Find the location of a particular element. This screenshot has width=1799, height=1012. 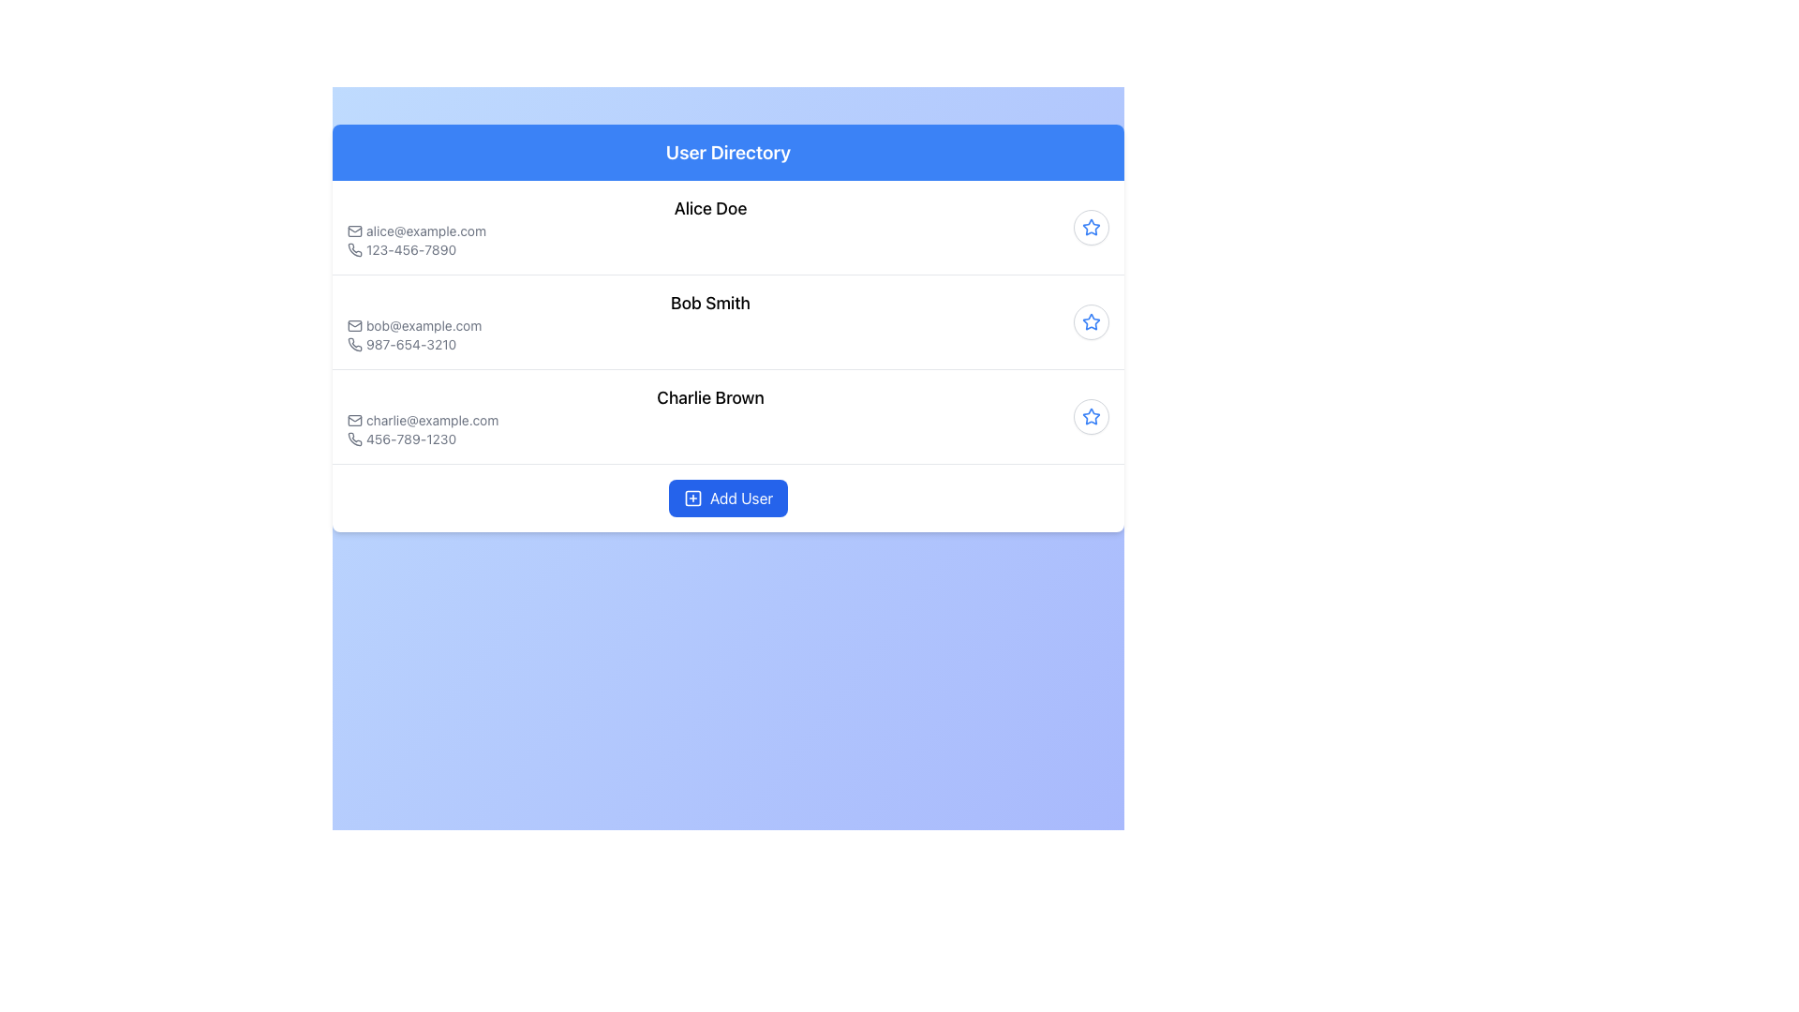

the star-shaped icon with a blue outline, located on the right side of the contact information for 'Charlie Brown' is located at coordinates (1092, 320).